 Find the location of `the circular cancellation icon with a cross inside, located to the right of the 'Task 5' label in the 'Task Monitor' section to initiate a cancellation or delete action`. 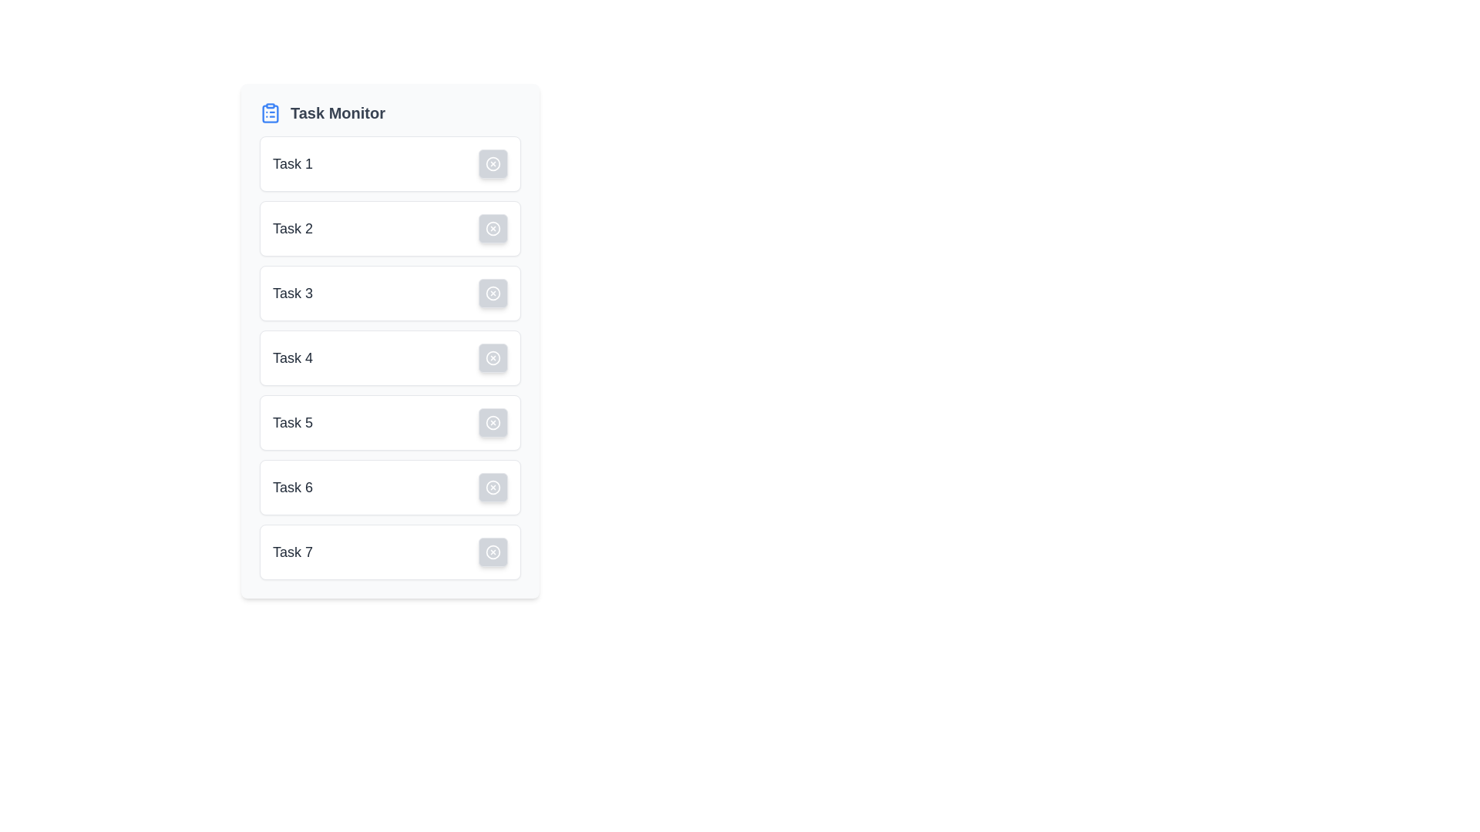

the circular cancellation icon with a cross inside, located to the right of the 'Task 5' label in the 'Task Monitor' section to initiate a cancellation or delete action is located at coordinates (492, 422).